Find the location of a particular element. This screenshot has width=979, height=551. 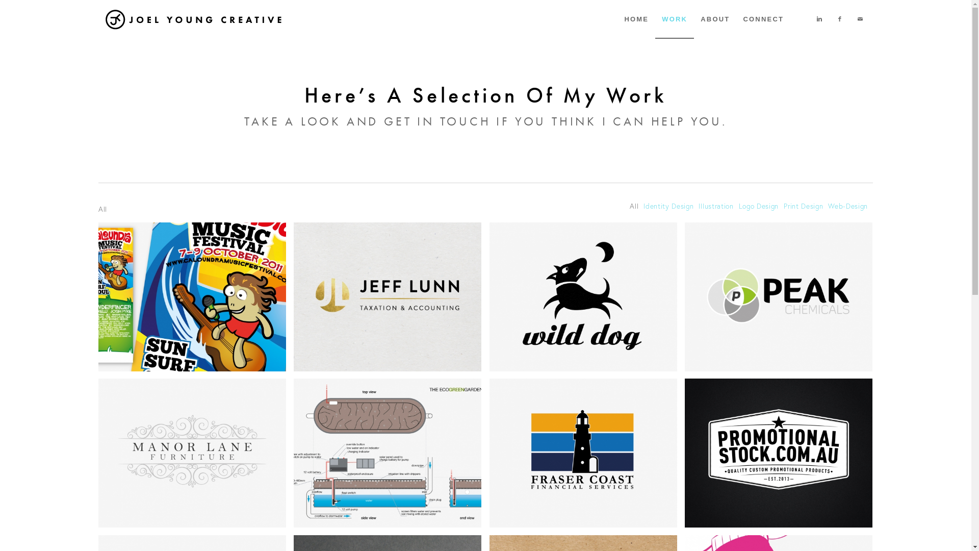

'Linkedin' is located at coordinates (819, 19).